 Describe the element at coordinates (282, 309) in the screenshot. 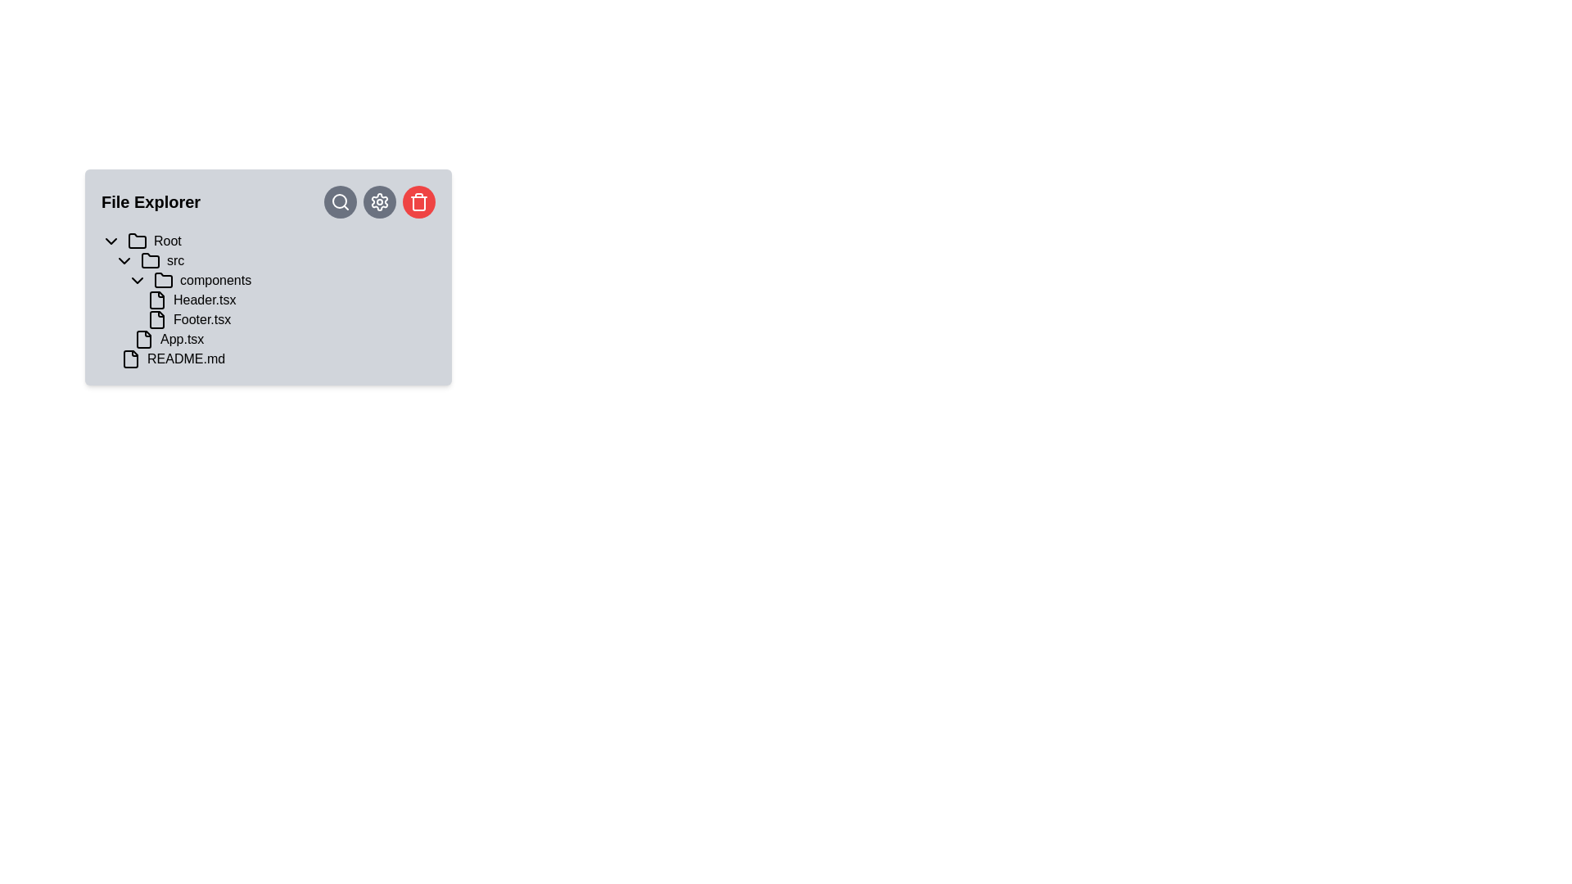

I see `to select a file in the file list located within the 'components' folder of the file tree under the 'src' folder` at that location.